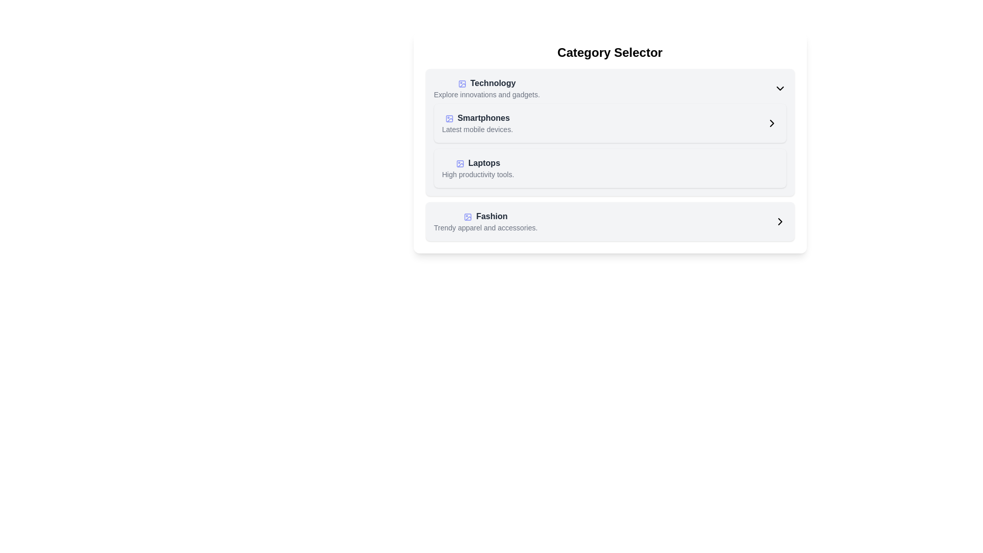  Describe the element at coordinates (772, 122) in the screenshot. I see `the navigation arrow icon in the top-right corner of the 'Smartphones' category entry block` at that location.